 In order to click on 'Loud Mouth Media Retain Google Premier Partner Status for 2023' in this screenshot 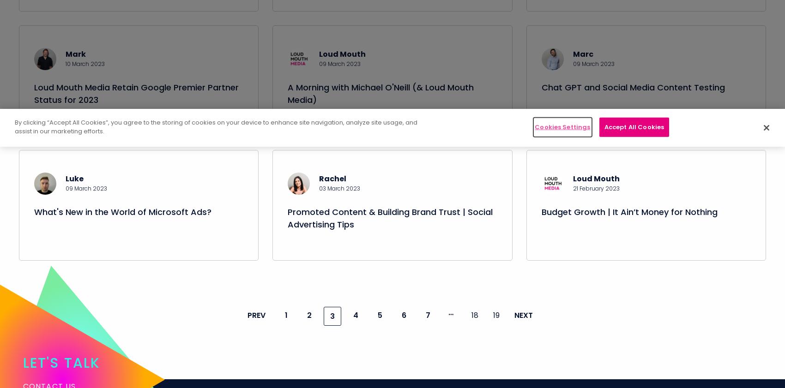, I will do `click(136, 103)`.